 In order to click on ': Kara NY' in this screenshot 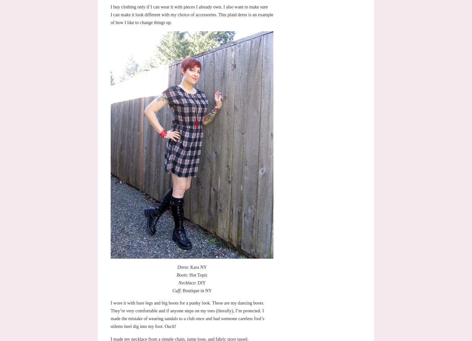, I will do `click(197, 267)`.